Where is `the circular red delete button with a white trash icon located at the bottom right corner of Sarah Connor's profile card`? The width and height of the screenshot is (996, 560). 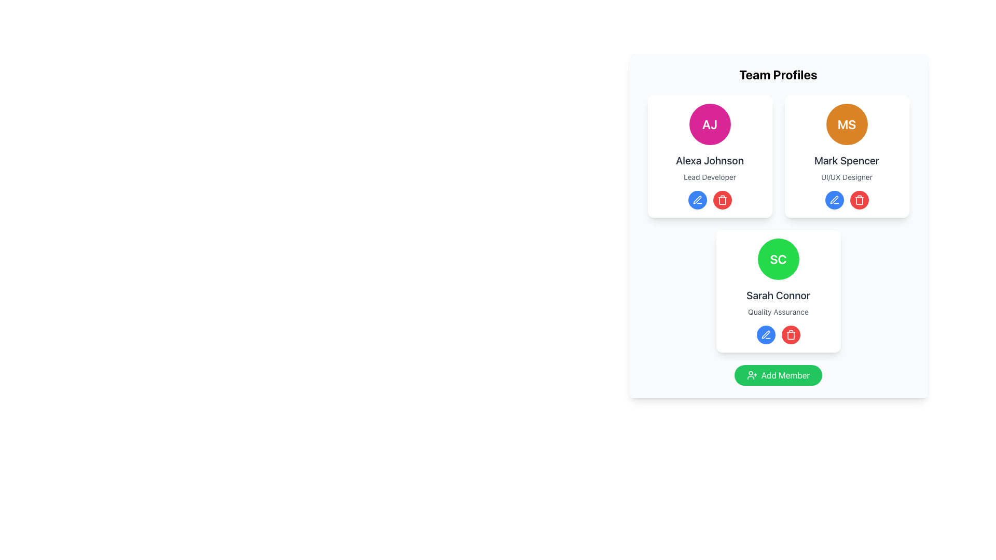 the circular red delete button with a white trash icon located at the bottom right corner of Sarah Connor's profile card is located at coordinates (790, 334).